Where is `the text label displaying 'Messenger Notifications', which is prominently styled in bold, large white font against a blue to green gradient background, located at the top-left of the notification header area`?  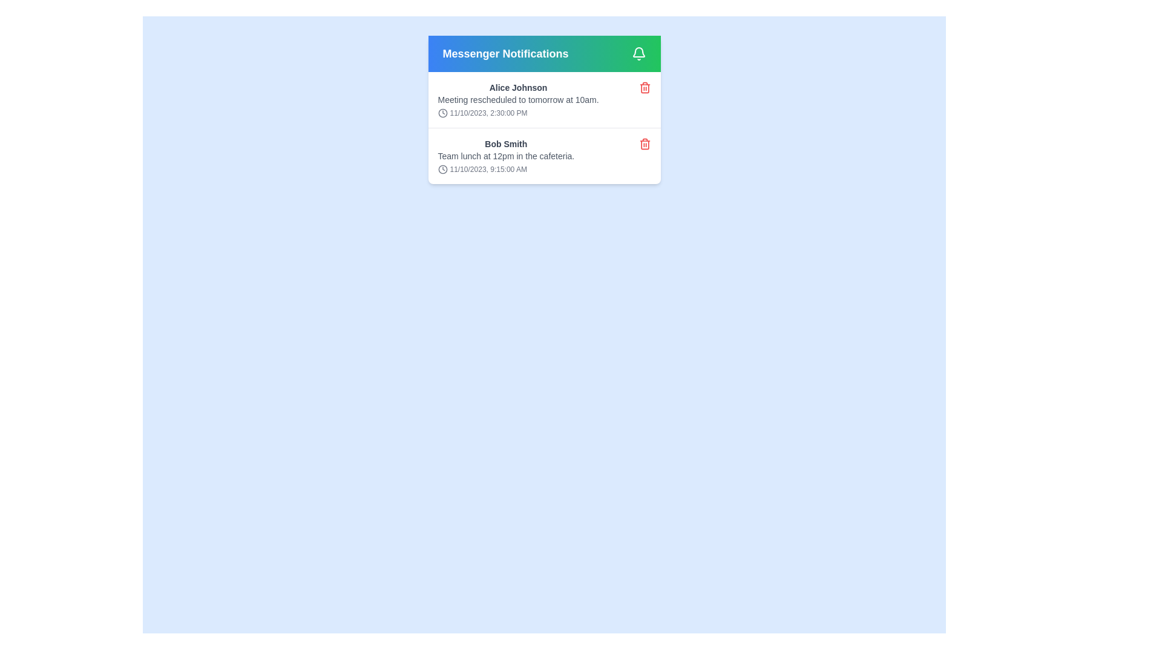
the text label displaying 'Messenger Notifications', which is prominently styled in bold, large white font against a blue to green gradient background, located at the top-left of the notification header area is located at coordinates (505, 53).